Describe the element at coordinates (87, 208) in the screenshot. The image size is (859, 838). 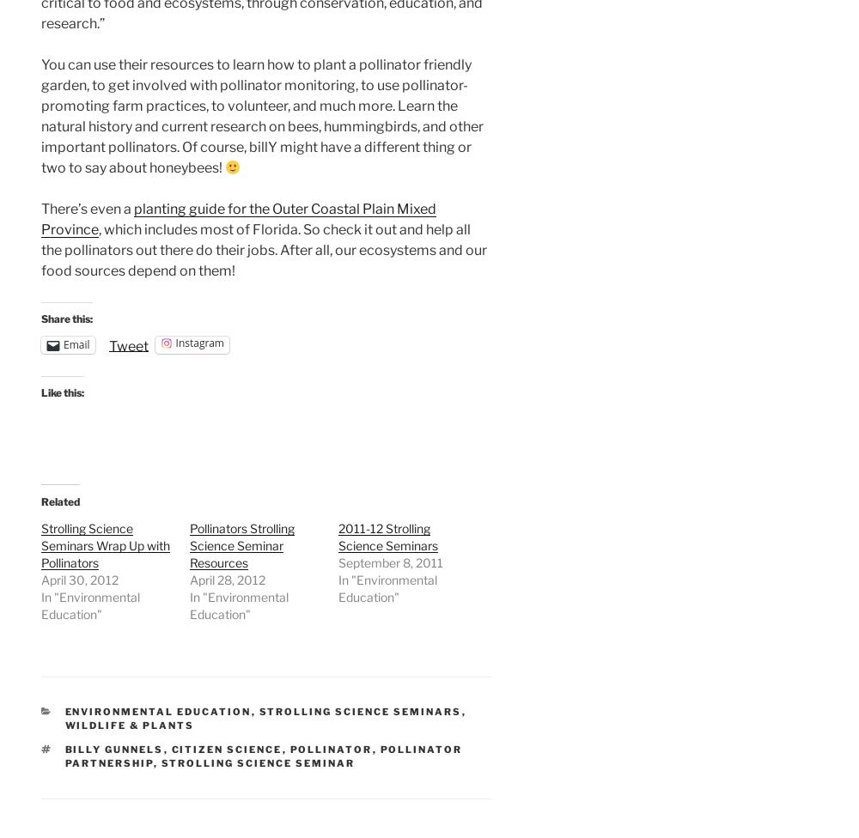
I see `'There’s even a'` at that location.